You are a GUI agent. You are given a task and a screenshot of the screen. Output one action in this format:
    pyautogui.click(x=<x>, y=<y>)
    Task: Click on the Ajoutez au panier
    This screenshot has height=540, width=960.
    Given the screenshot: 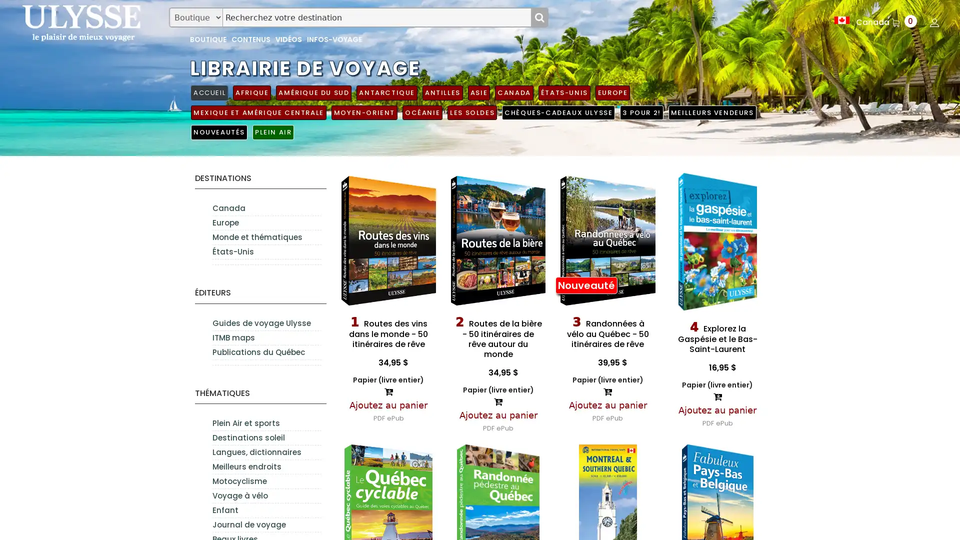 What is the action you would take?
    pyautogui.click(x=498, y=414)
    